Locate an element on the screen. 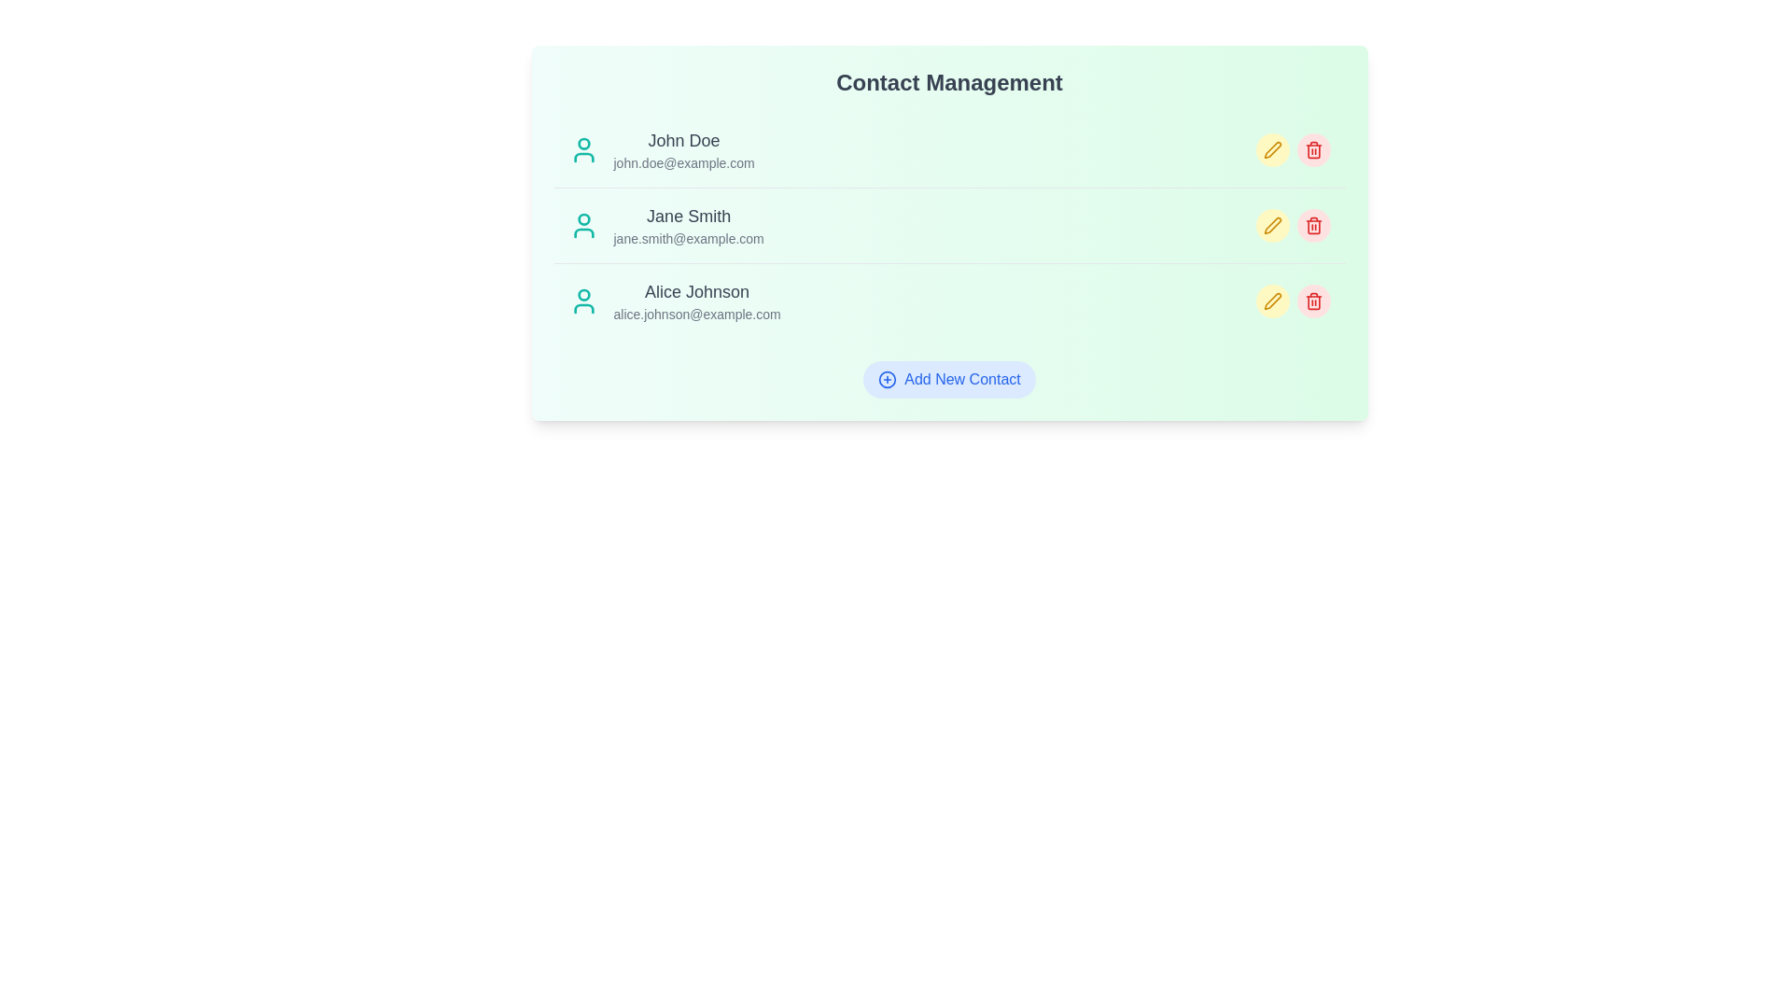 This screenshot has height=1008, width=1792. the contact with email john.doe@example.com is located at coordinates (683, 149).